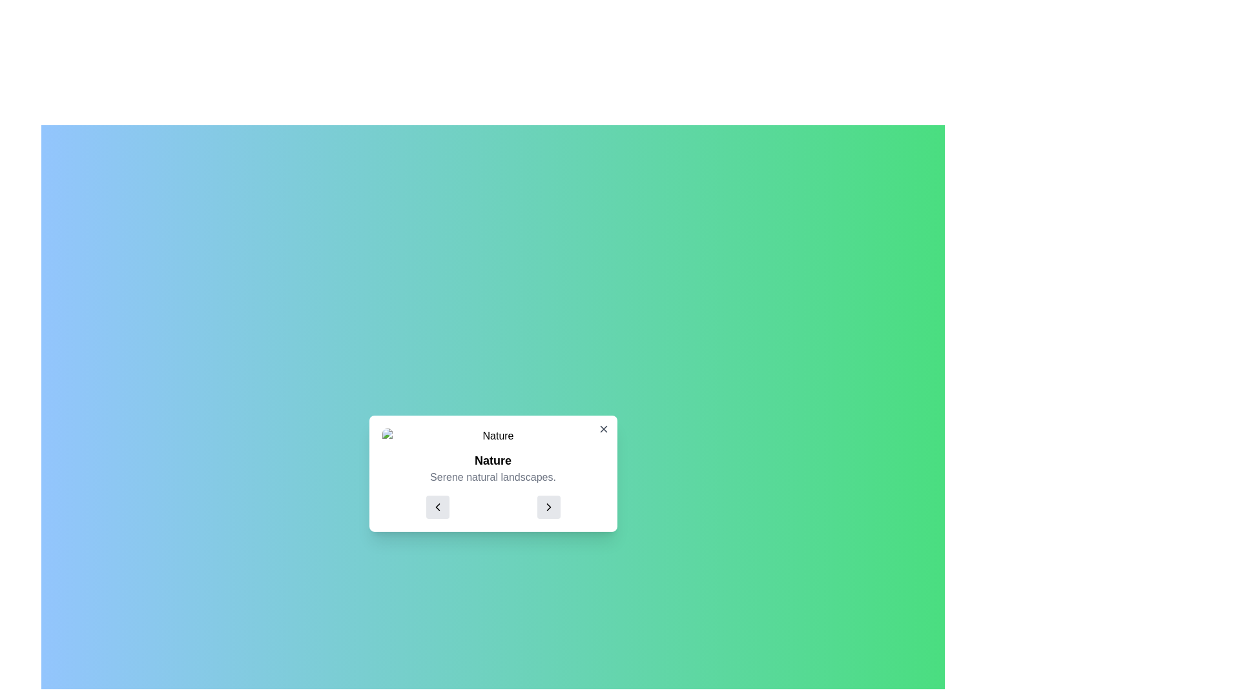 The height and width of the screenshot is (697, 1240). I want to click on the line segment forming part of the 'X' shape in the top-right corner of the card-like pop-up interface, so click(603, 429).